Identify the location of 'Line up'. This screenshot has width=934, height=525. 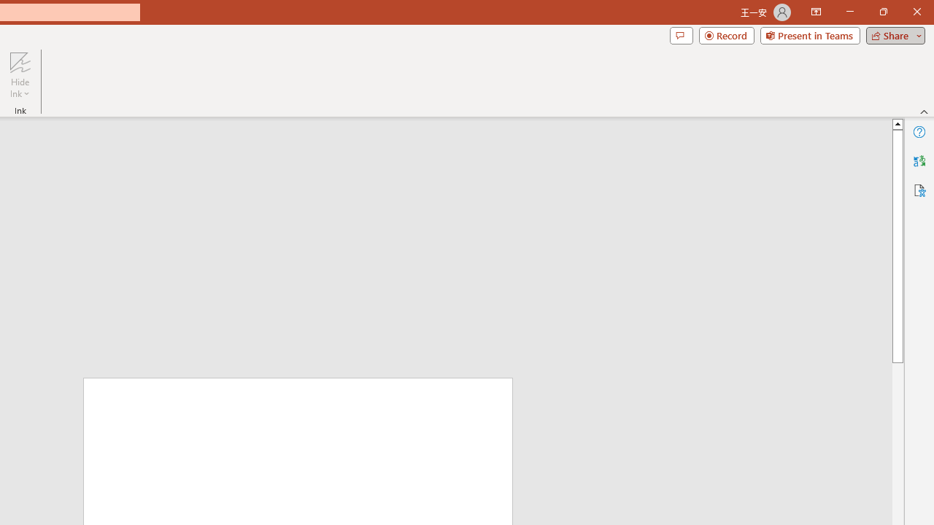
(897, 122).